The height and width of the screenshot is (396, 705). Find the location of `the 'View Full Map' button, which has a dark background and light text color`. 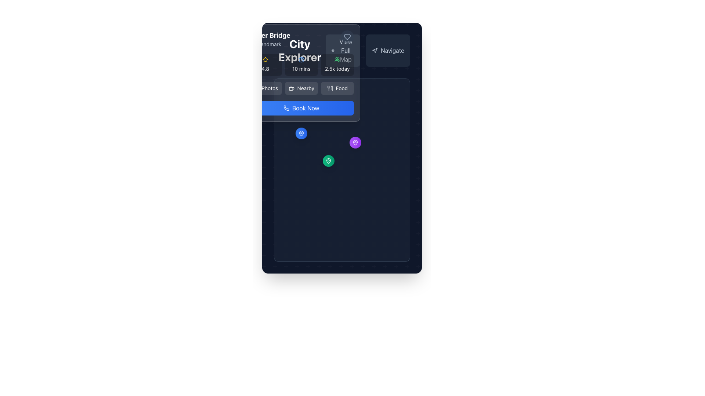

the 'View Full Map' button, which has a dark background and light text color is located at coordinates (341, 50).